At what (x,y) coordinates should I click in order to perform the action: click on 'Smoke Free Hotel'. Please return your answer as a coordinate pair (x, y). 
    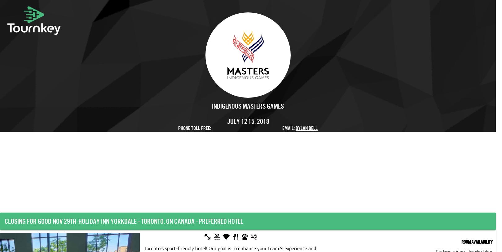
    Looking at the image, I should click on (278, 237).